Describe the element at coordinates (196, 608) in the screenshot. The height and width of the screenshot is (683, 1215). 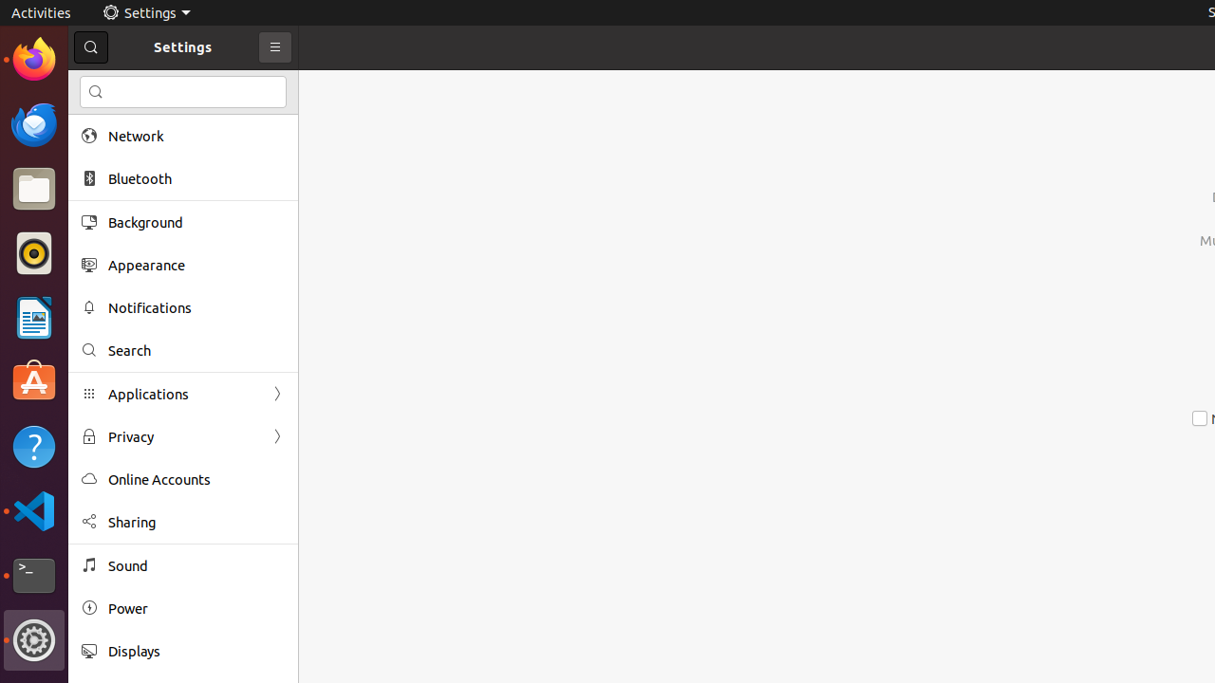
I see `'Power'` at that location.